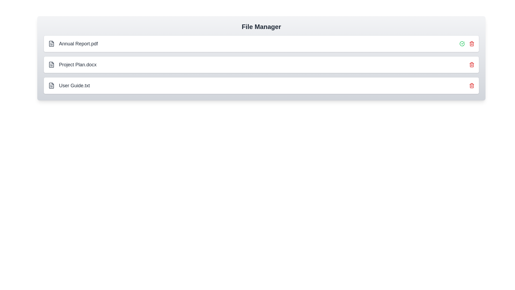  What do you see at coordinates (471, 65) in the screenshot?
I see `the trash bin outline icon representing the delete action for the file 'Project Plan.docx'` at bounding box center [471, 65].